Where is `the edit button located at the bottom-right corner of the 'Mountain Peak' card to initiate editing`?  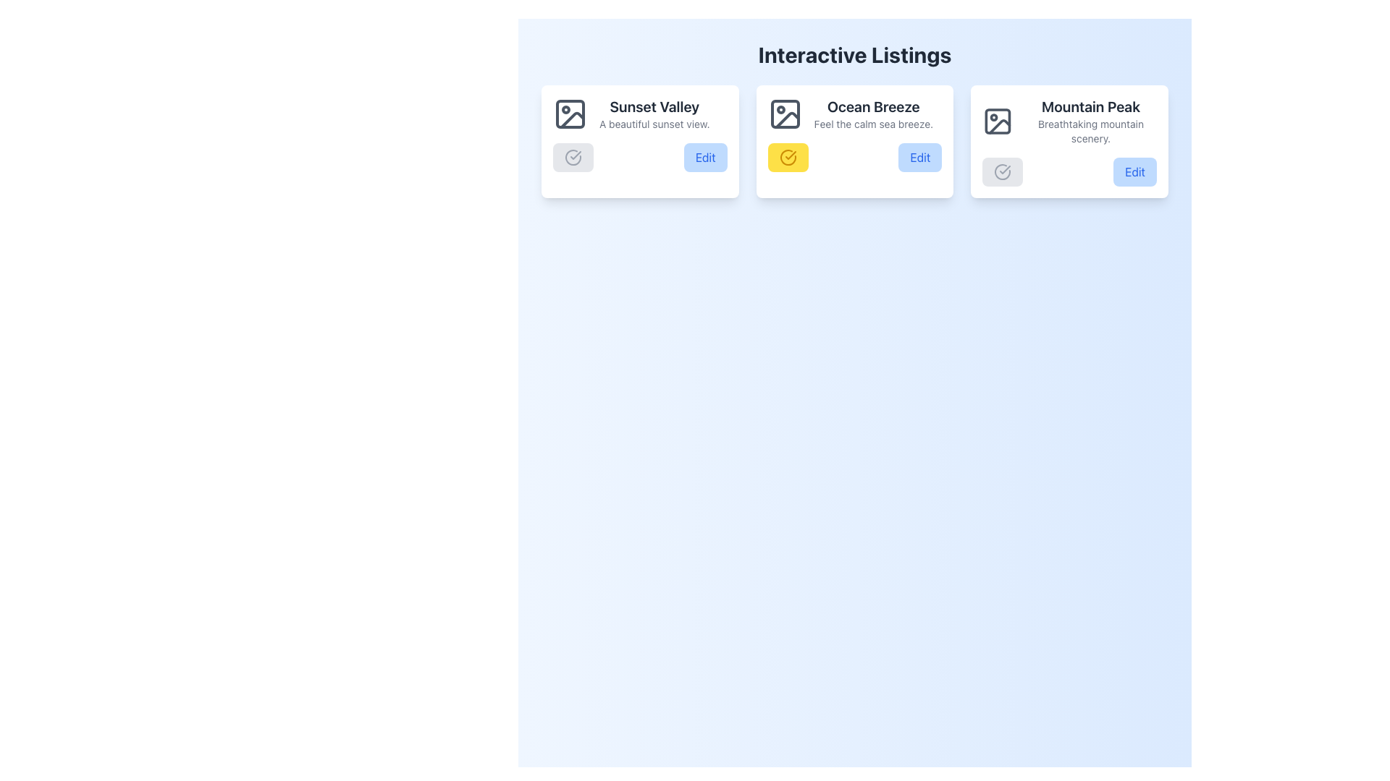 the edit button located at the bottom-right corner of the 'Mountain Peak' card to initiate editing is located at coordinates (1134, 171).